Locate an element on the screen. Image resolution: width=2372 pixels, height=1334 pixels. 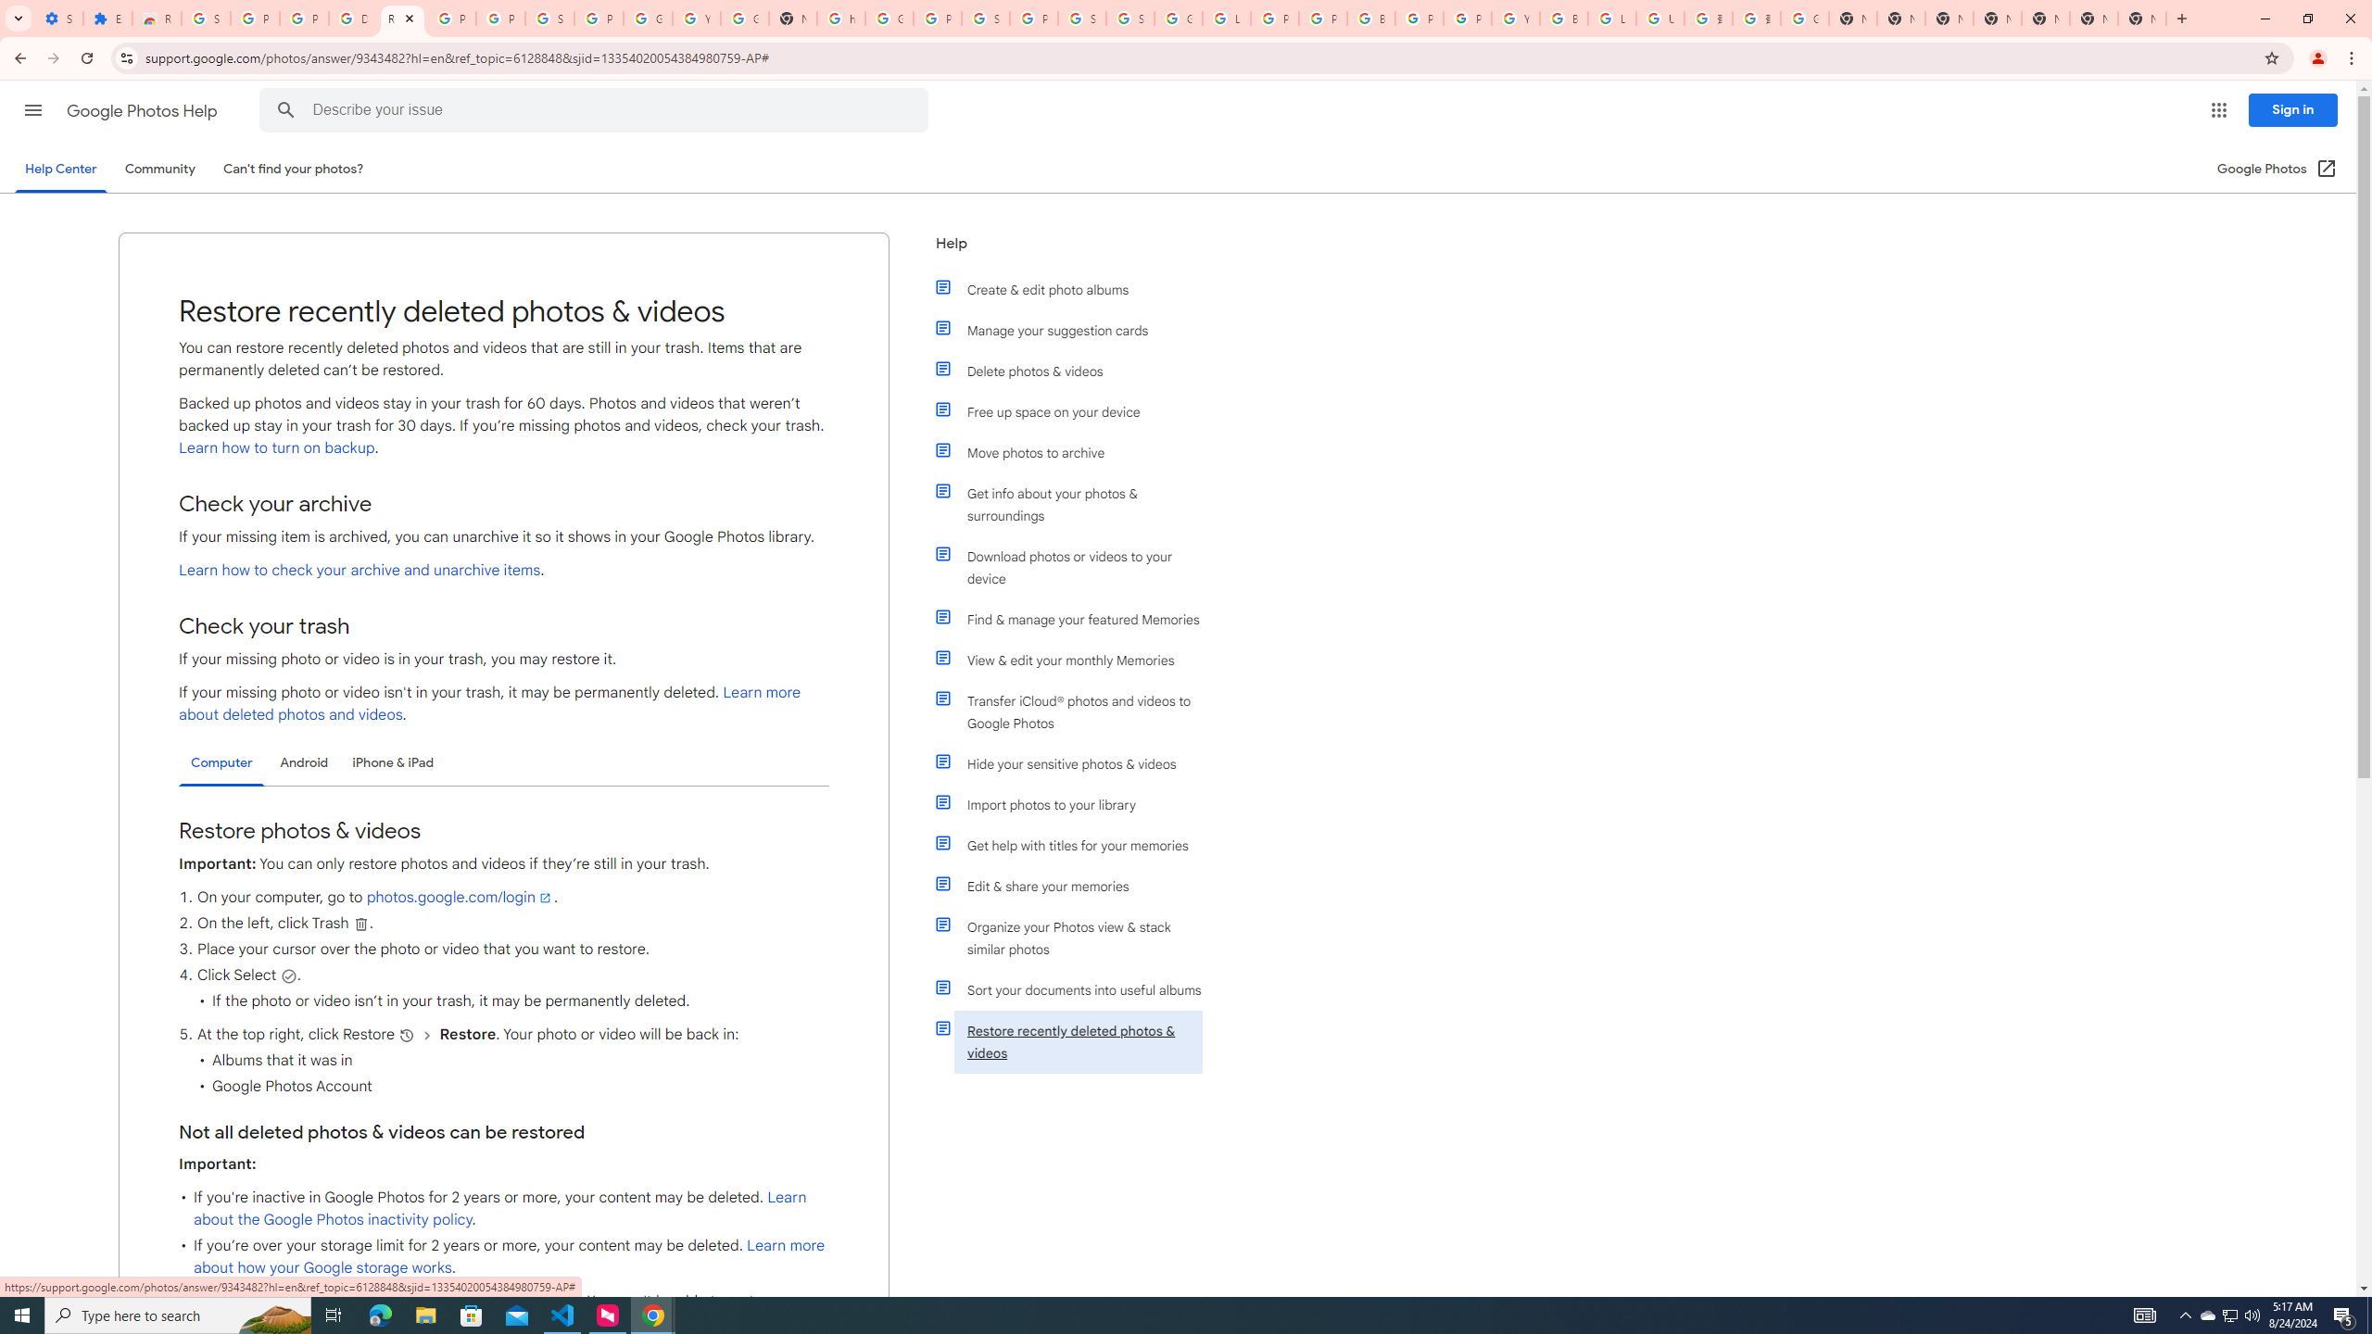
'Restore recently deleted photos & videos' is located at coordinates (1077, 1042).